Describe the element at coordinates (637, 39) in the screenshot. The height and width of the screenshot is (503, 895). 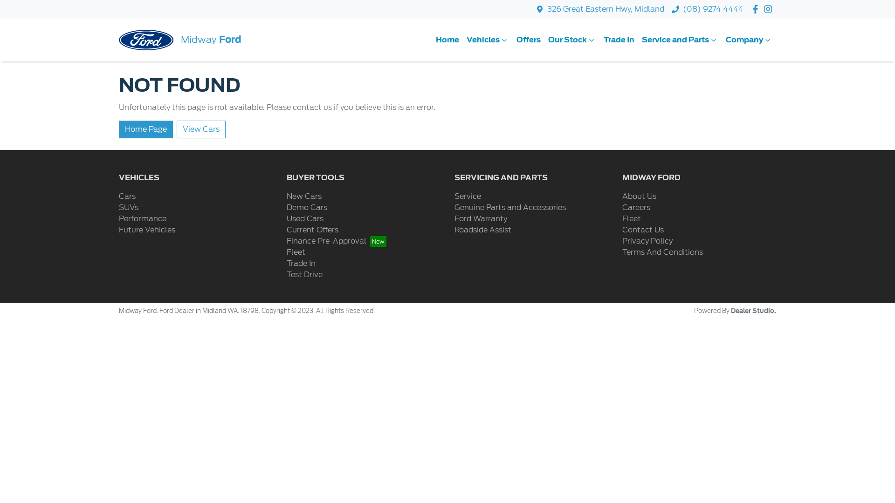
I see `'Service and Parts'` at that location.